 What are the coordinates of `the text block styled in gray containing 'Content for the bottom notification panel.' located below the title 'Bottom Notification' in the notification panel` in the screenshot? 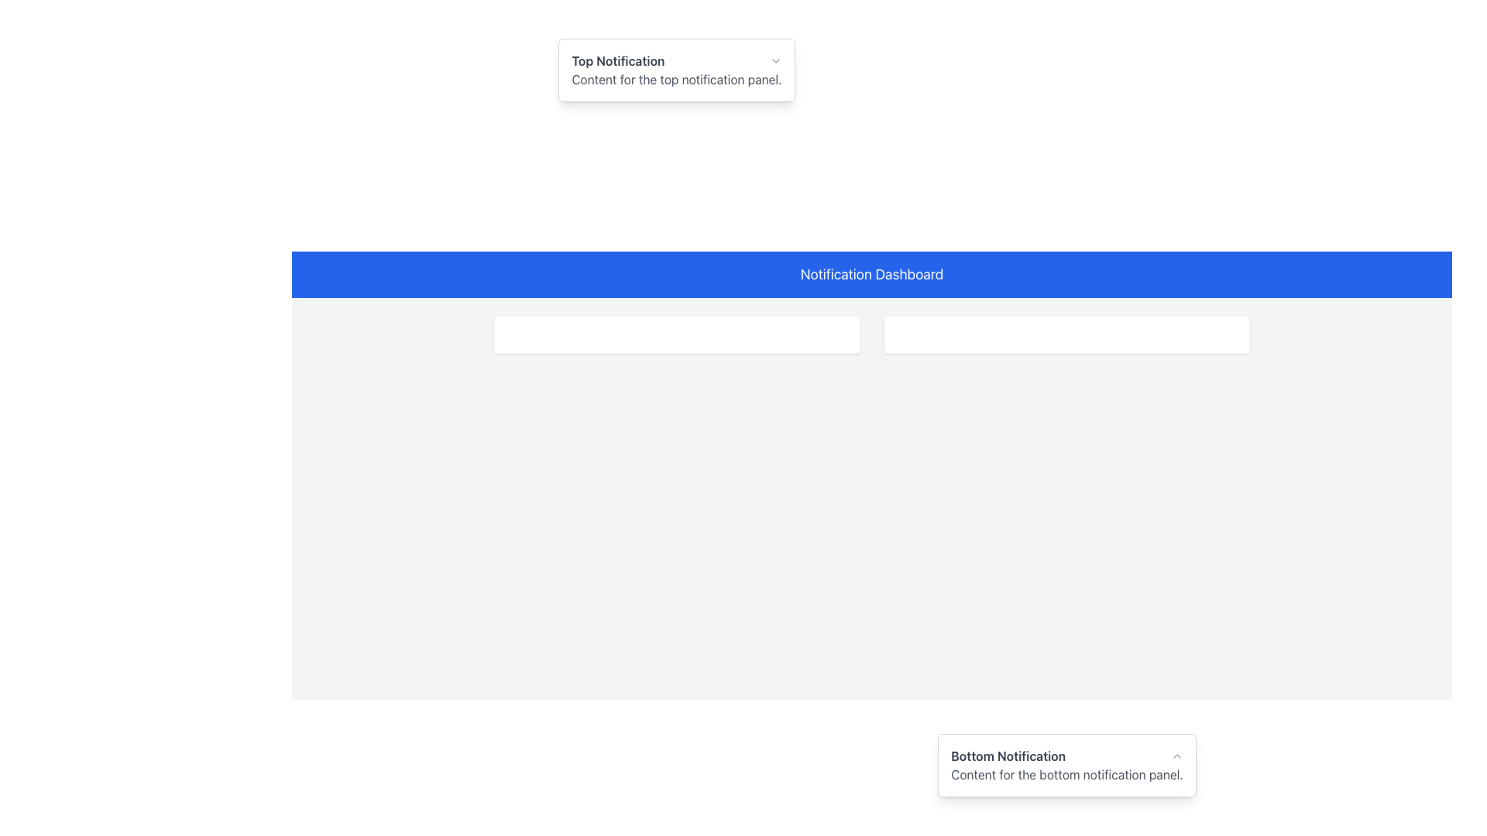 It's located at (1066, 775).